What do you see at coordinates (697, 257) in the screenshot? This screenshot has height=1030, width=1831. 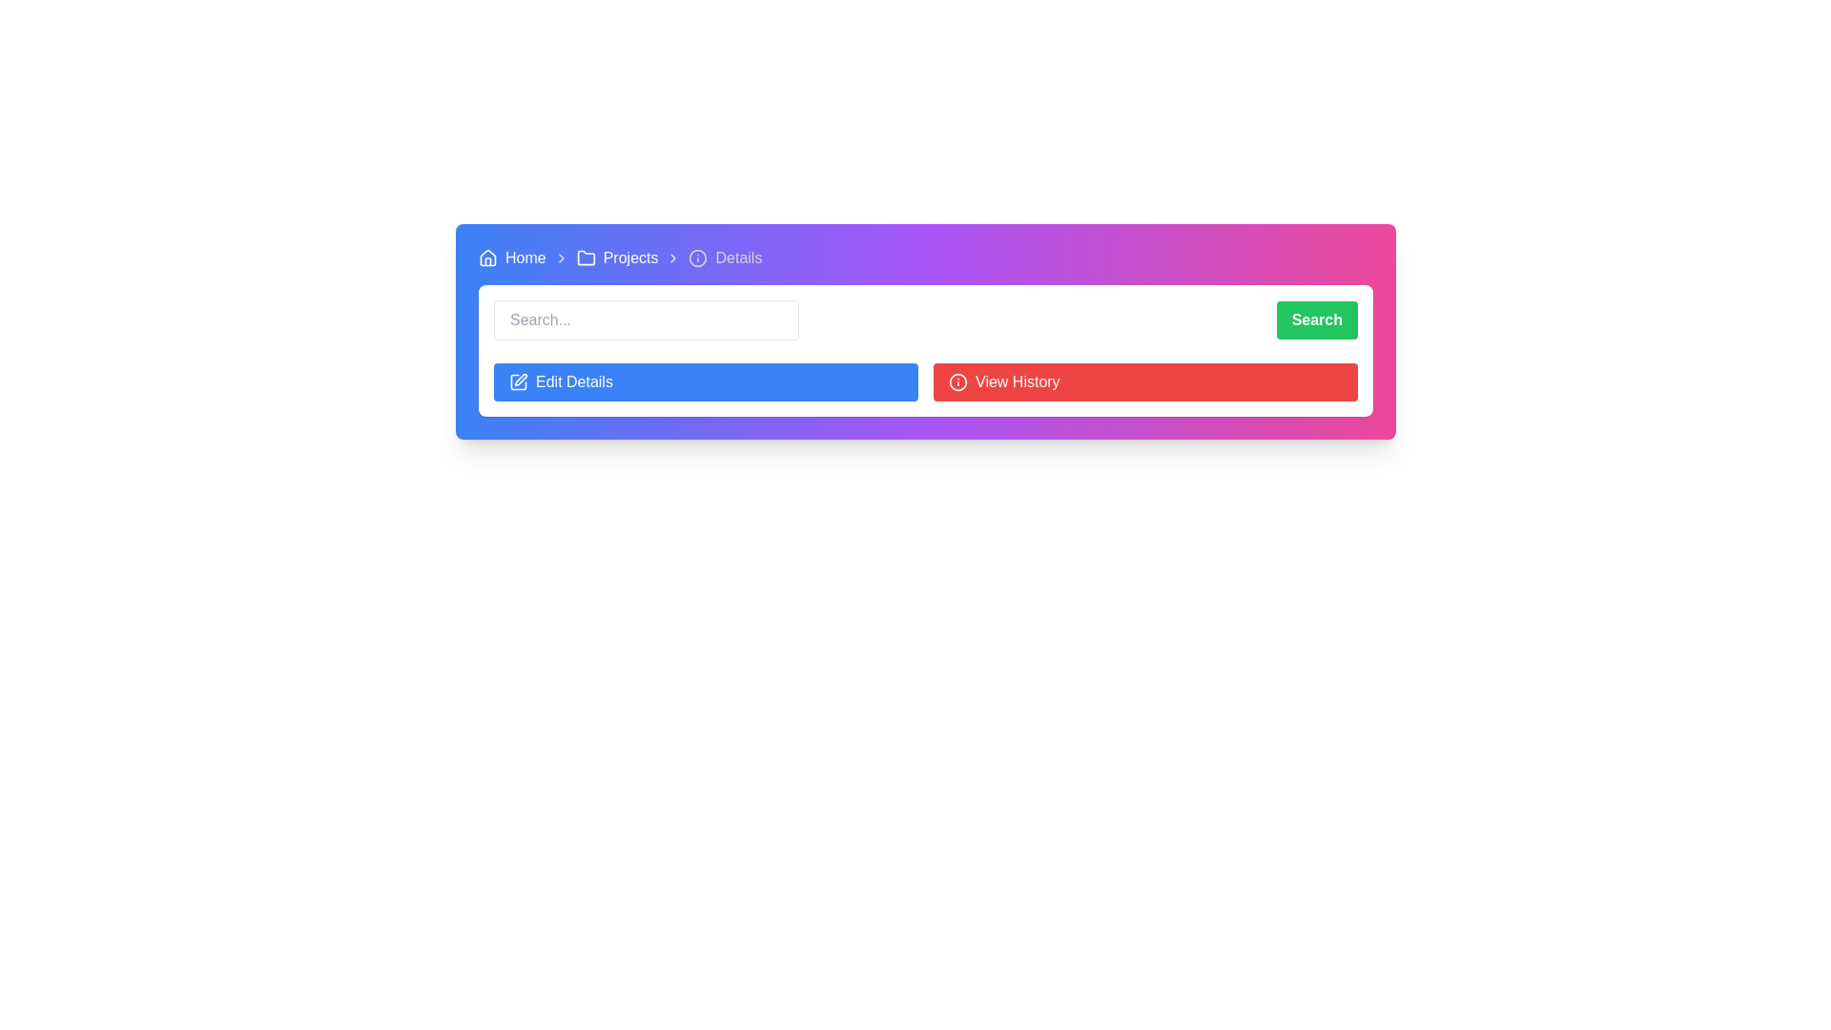 I see `the small circular graphical element within the SVG icon located between the 'Projects' and 'Details' breadcrumb links in the top navigation bar` at bounding box center [697, 257].